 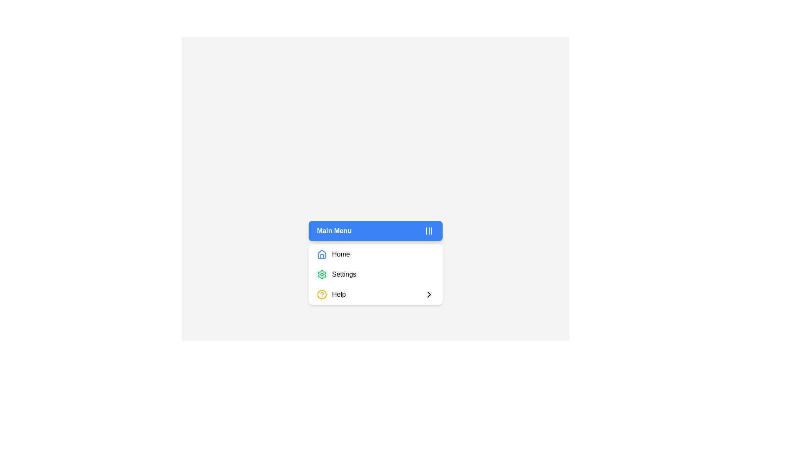 What do you see at coordinates (321, 274) in the screenshot?
I see `the 'Settings' menu icon, which is located to the left of the 'Settings' text in the vertical menu` at bounding box center [321, 274].